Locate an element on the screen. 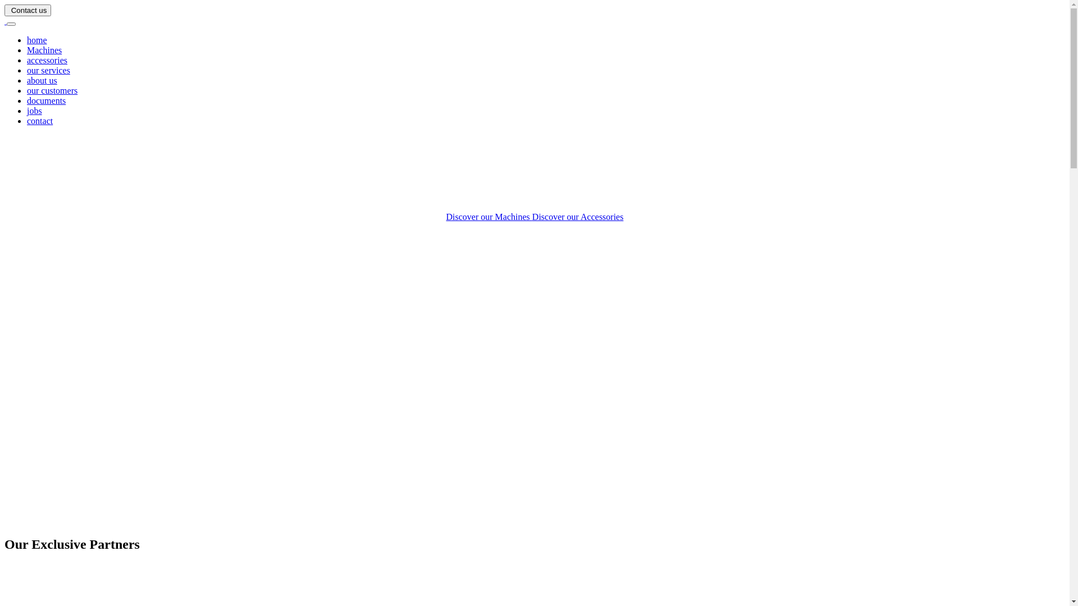 This screenshot has height=606, width=1078. ' Contact us' is located at coordinates (28, 10).